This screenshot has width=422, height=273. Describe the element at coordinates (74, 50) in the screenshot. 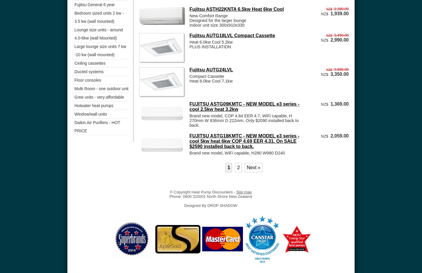

I see `'Large lounge size units 7 kw -10 kw      (wall mounted)'` at that location.